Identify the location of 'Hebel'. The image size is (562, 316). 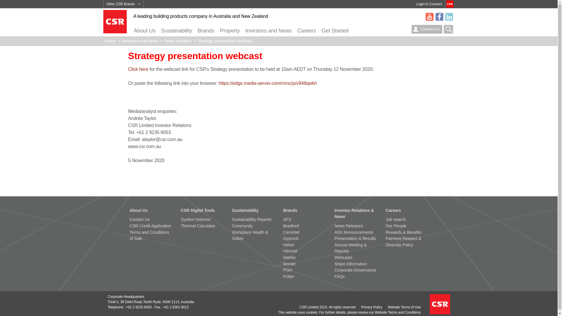
(289, 245).